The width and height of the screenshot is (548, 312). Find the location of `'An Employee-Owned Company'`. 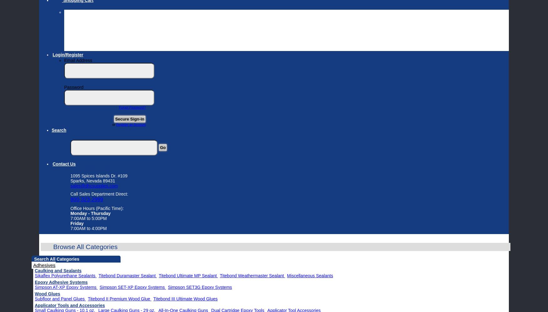

'An Employee-Owned Company' is located at coordinates (100, 43).